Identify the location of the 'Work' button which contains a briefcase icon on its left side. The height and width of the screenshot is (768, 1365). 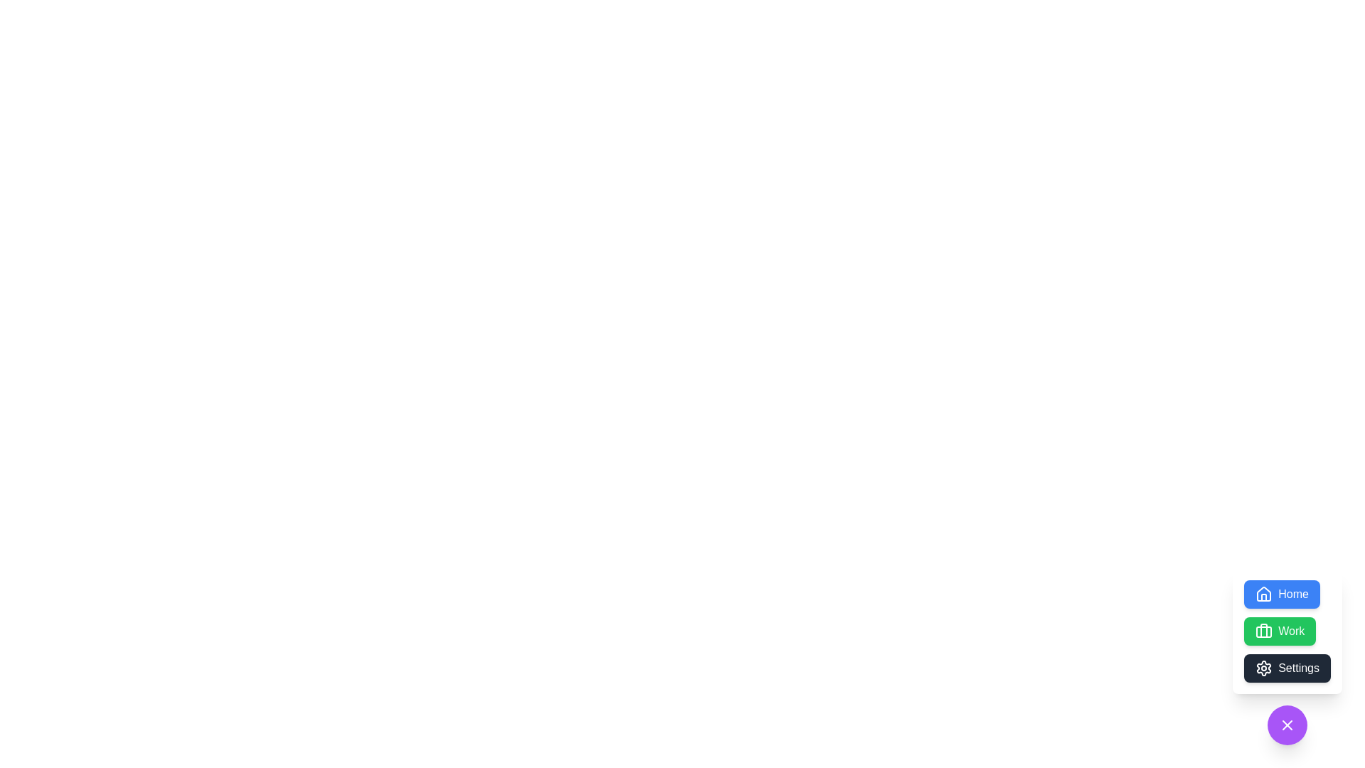
(1264, 630).